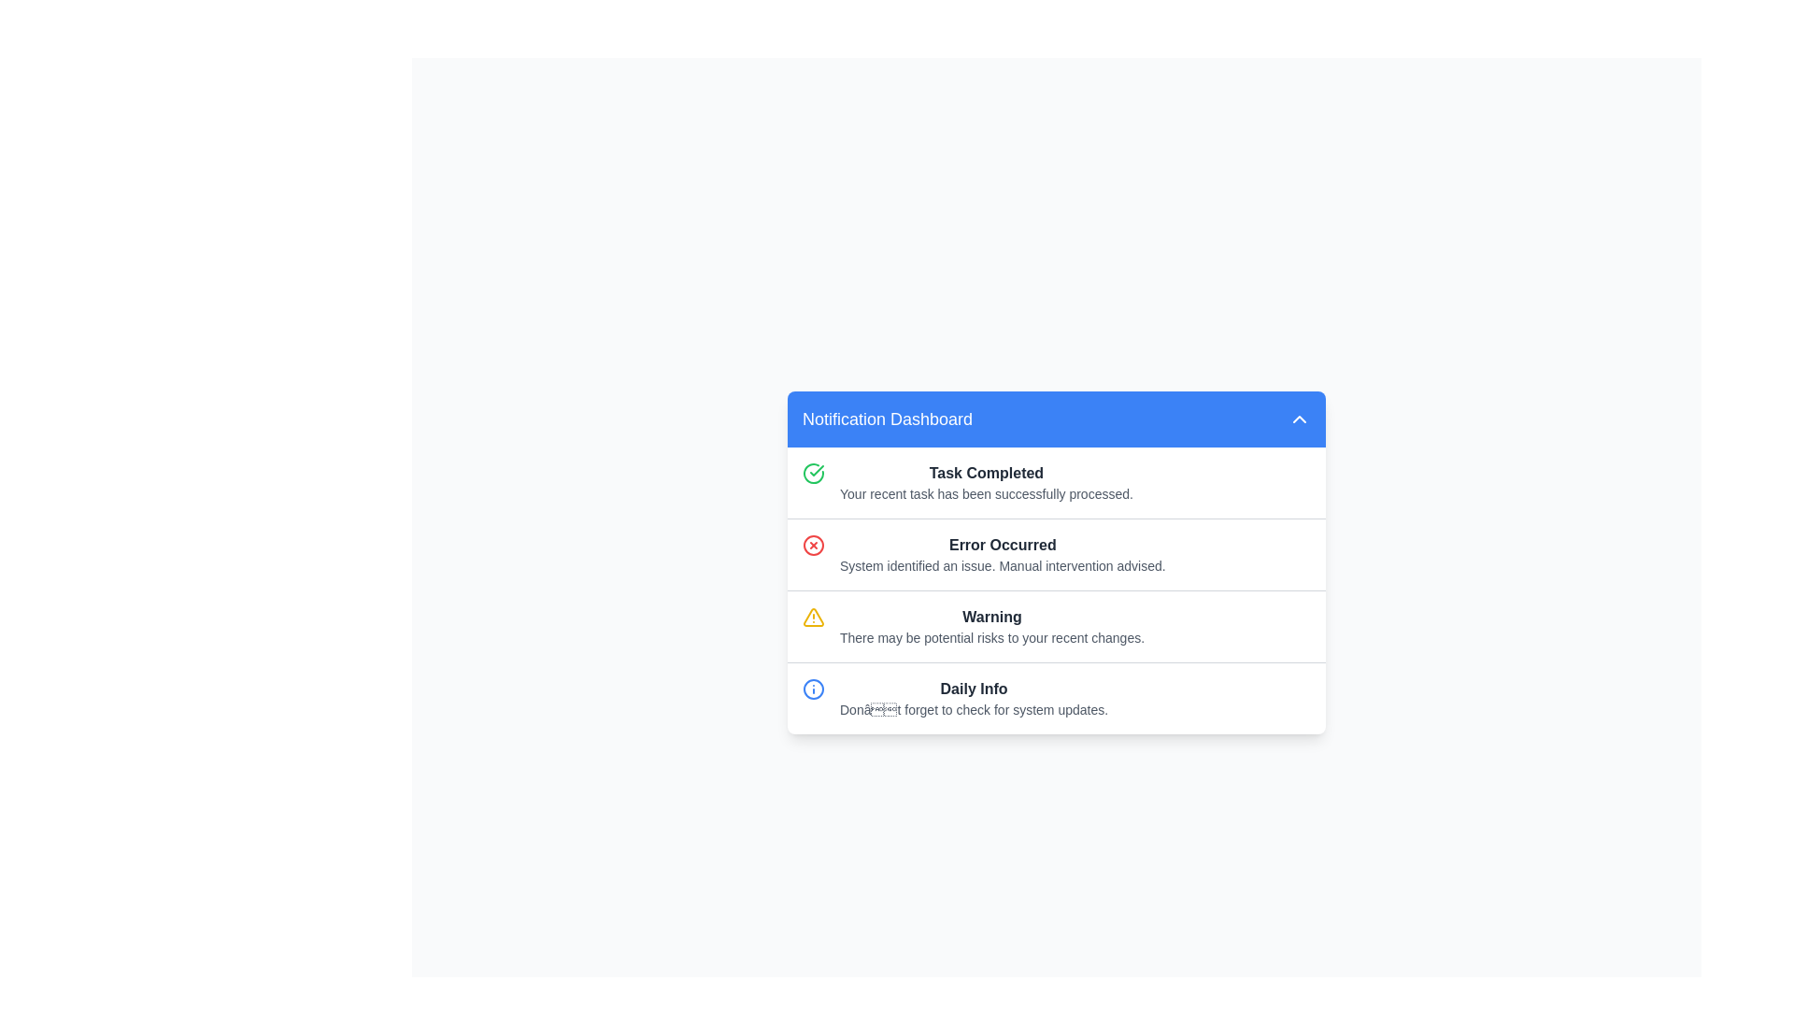 Image resolution: width=1794 pixels, height=1009 pixels. I want to click on the informational text label that provides context for the warning notification, located below the bold 'Warning' label in the third notification slot, so click(990, 636).